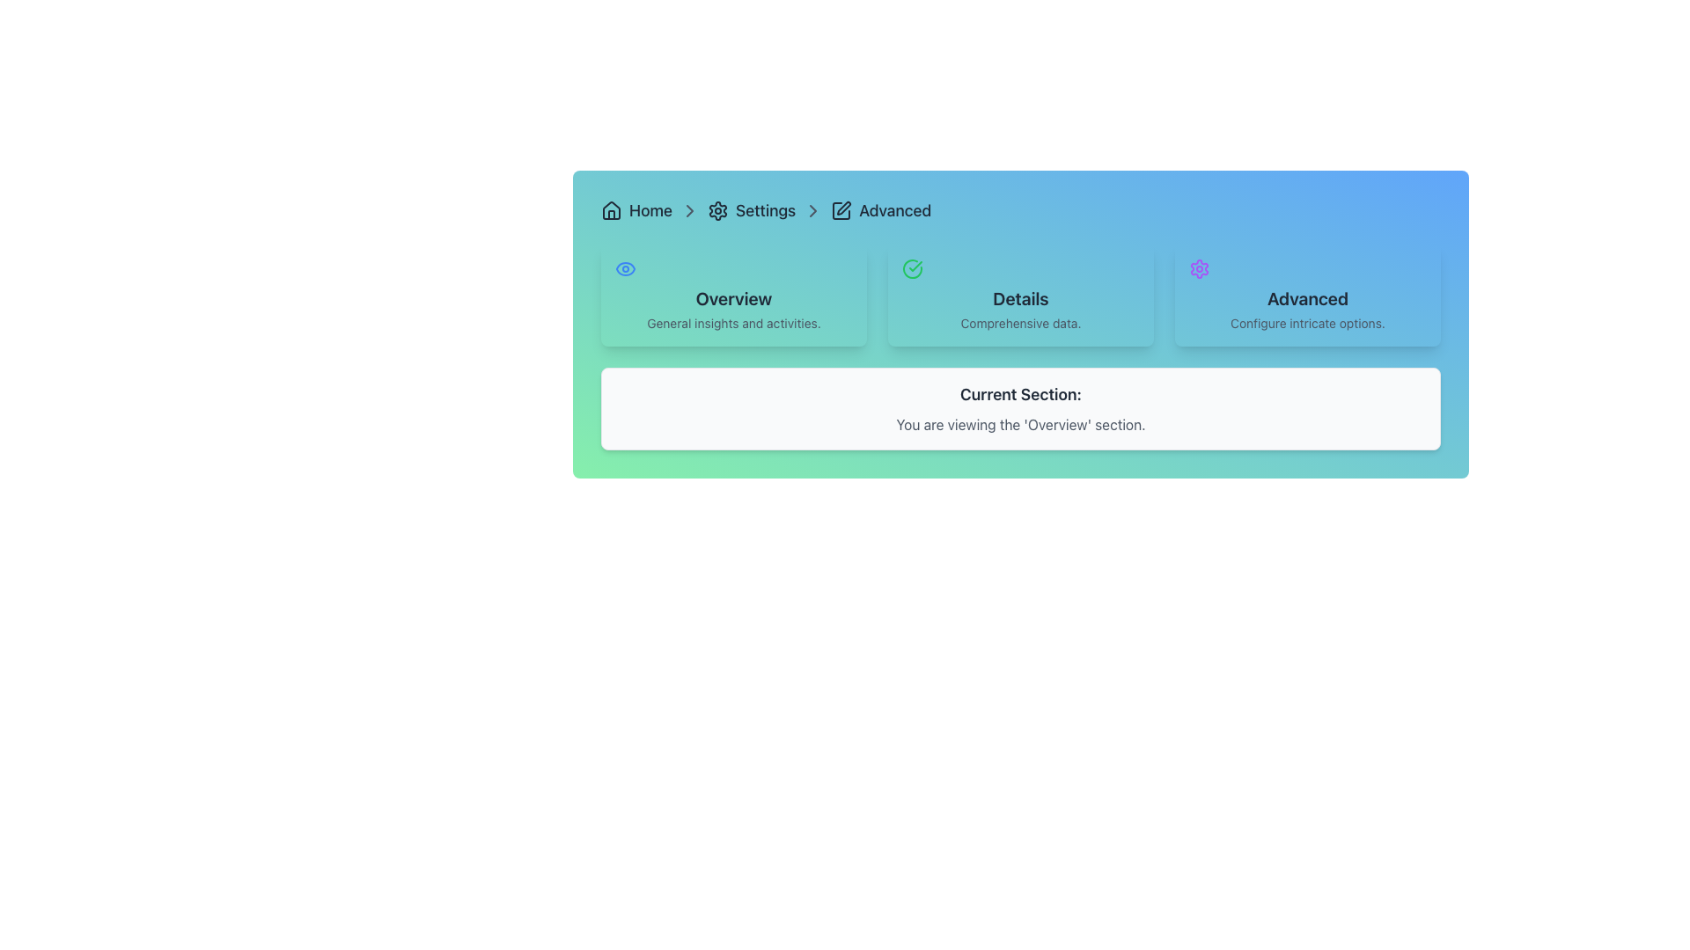 The height and width of the screenshot is (950, 1690). Describe the element at coordinates (612, 209) in the screenshot. I see `the 'Home' icon, which is an SVG-based graphic located in the horizontal navigation bar at the top left of the interface` at that location.